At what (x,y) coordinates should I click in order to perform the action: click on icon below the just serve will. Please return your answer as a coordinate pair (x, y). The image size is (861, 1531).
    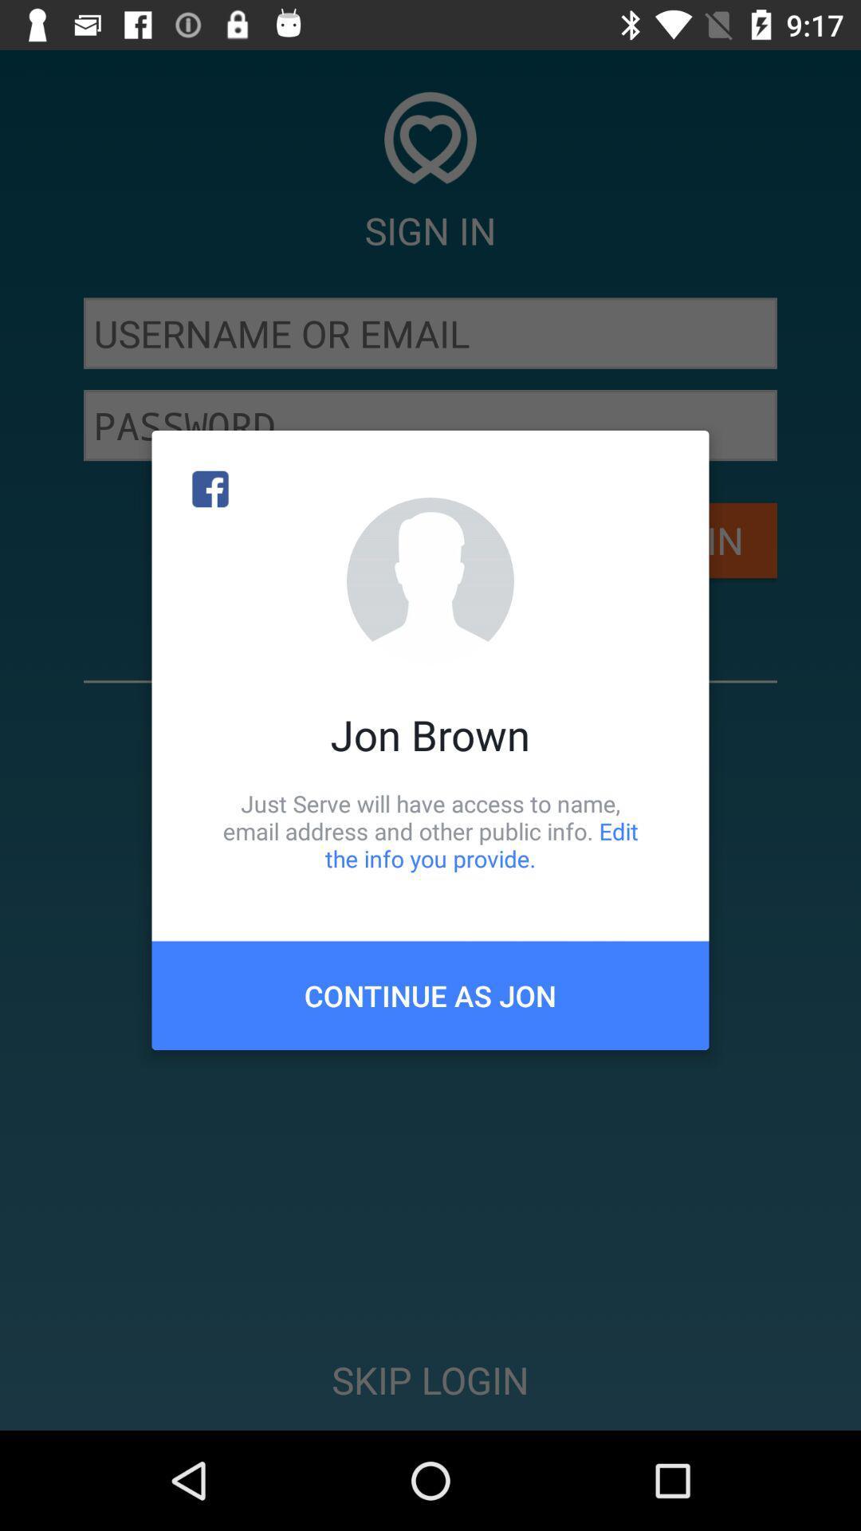
    Looking at the image, I should click on (431, 994).